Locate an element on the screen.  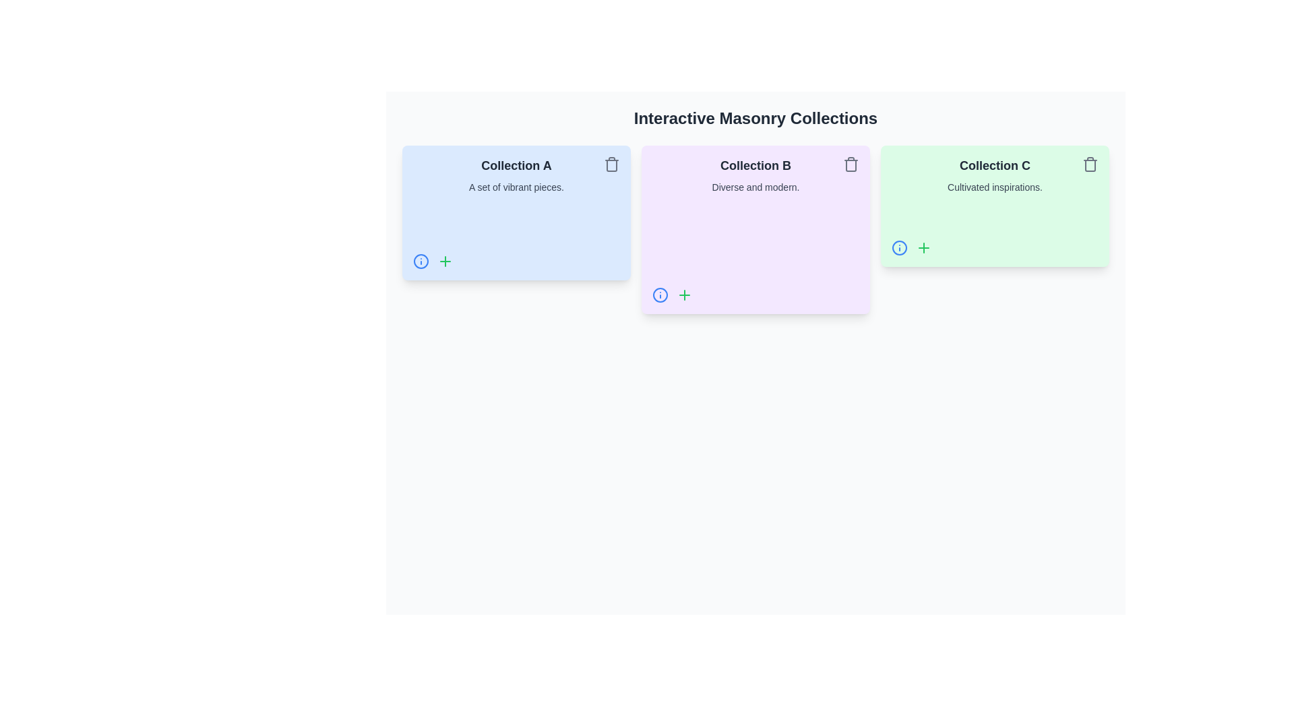
the static text element that serves as a title or label in the second card of a horizontal layout of three cards on the page is located at coordinates (756, 165).